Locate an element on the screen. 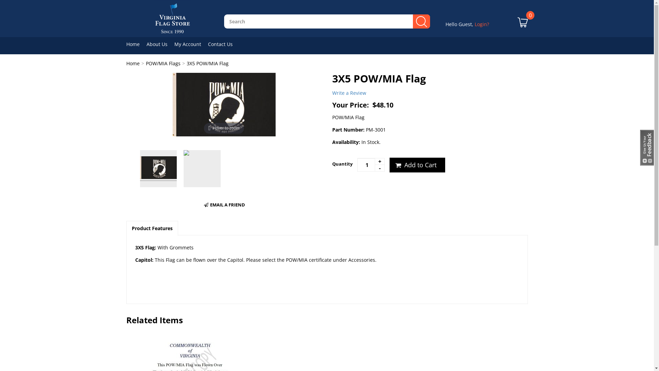 The image size is (659, 371). 'Product Features' is located at coordinates (151, 228).